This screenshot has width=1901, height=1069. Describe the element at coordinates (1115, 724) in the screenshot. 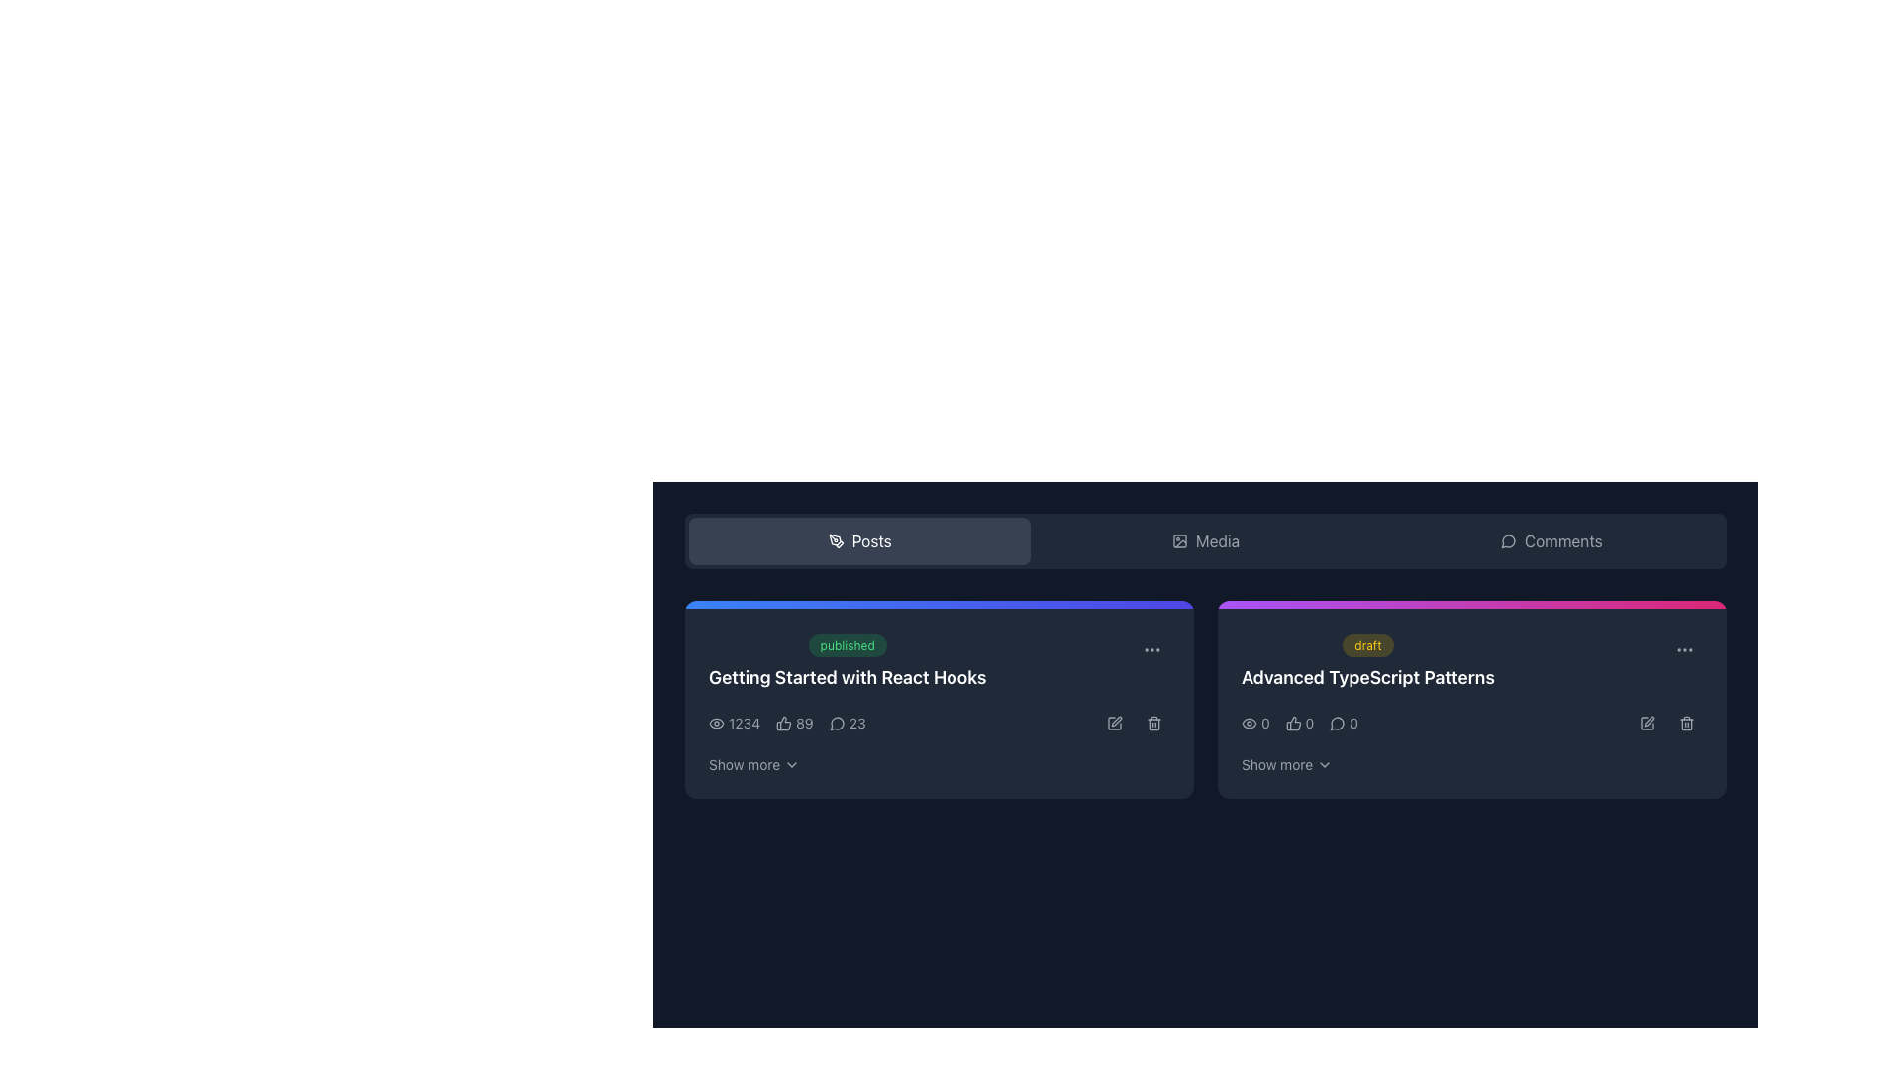

I see `the circular button with a pen icon located in the first post card at the bottom-right corner` at that location.